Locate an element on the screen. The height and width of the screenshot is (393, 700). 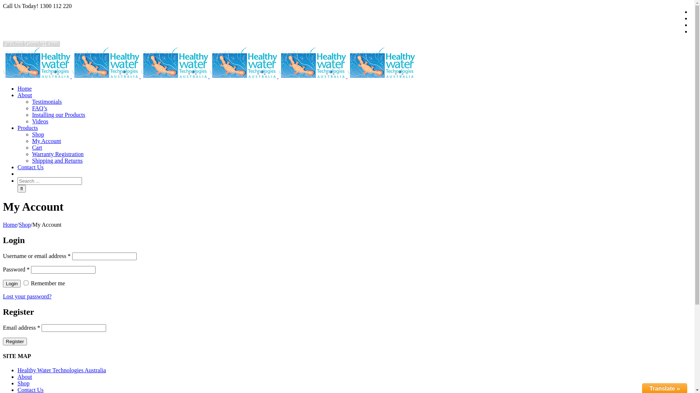
'Contact Us' is located at coordinates (17, 167).